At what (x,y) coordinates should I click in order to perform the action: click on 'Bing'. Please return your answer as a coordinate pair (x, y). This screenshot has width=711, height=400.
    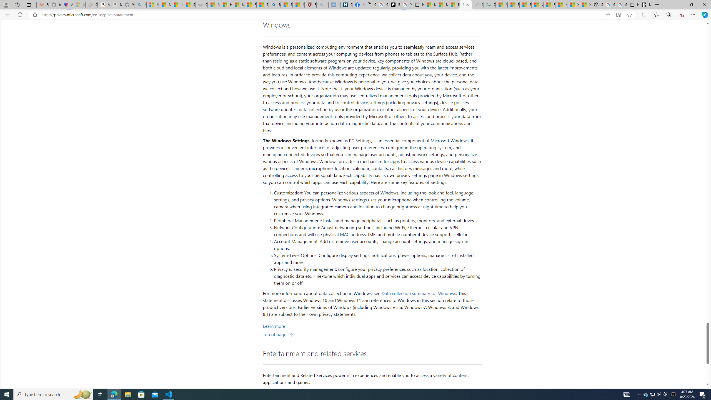
    Looking at the image, I should click on (274, 4).